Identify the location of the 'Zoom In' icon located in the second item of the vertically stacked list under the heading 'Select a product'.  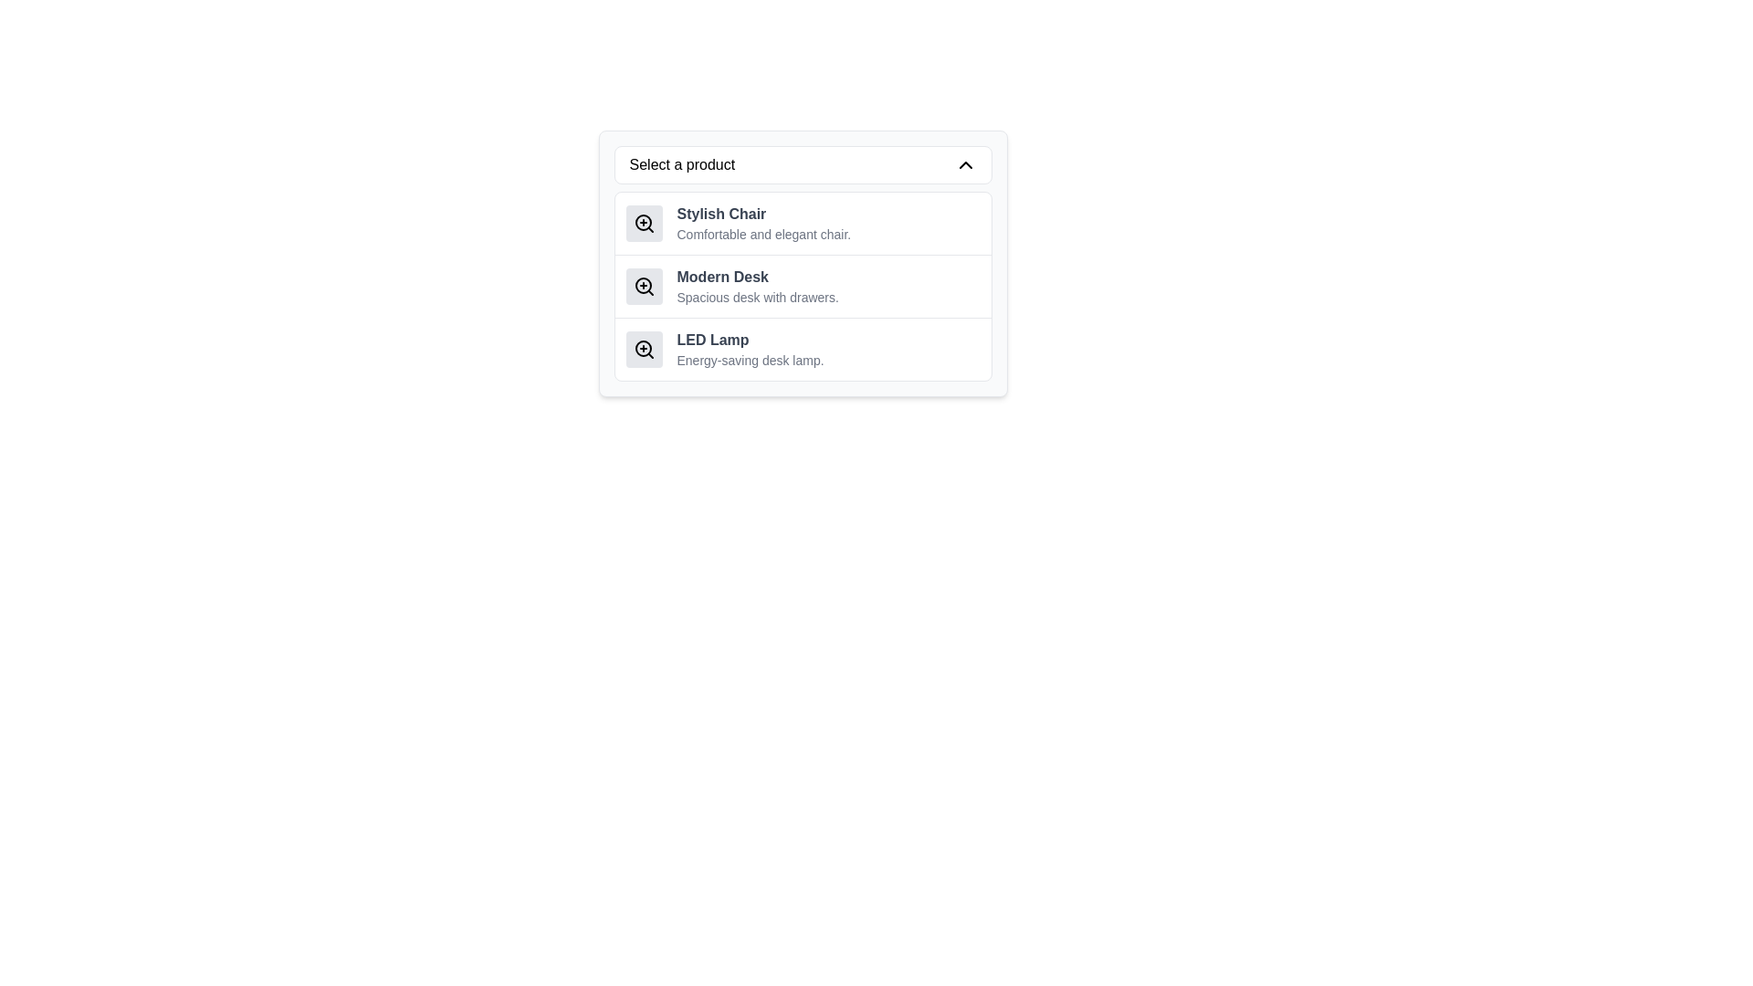
(644, 286).